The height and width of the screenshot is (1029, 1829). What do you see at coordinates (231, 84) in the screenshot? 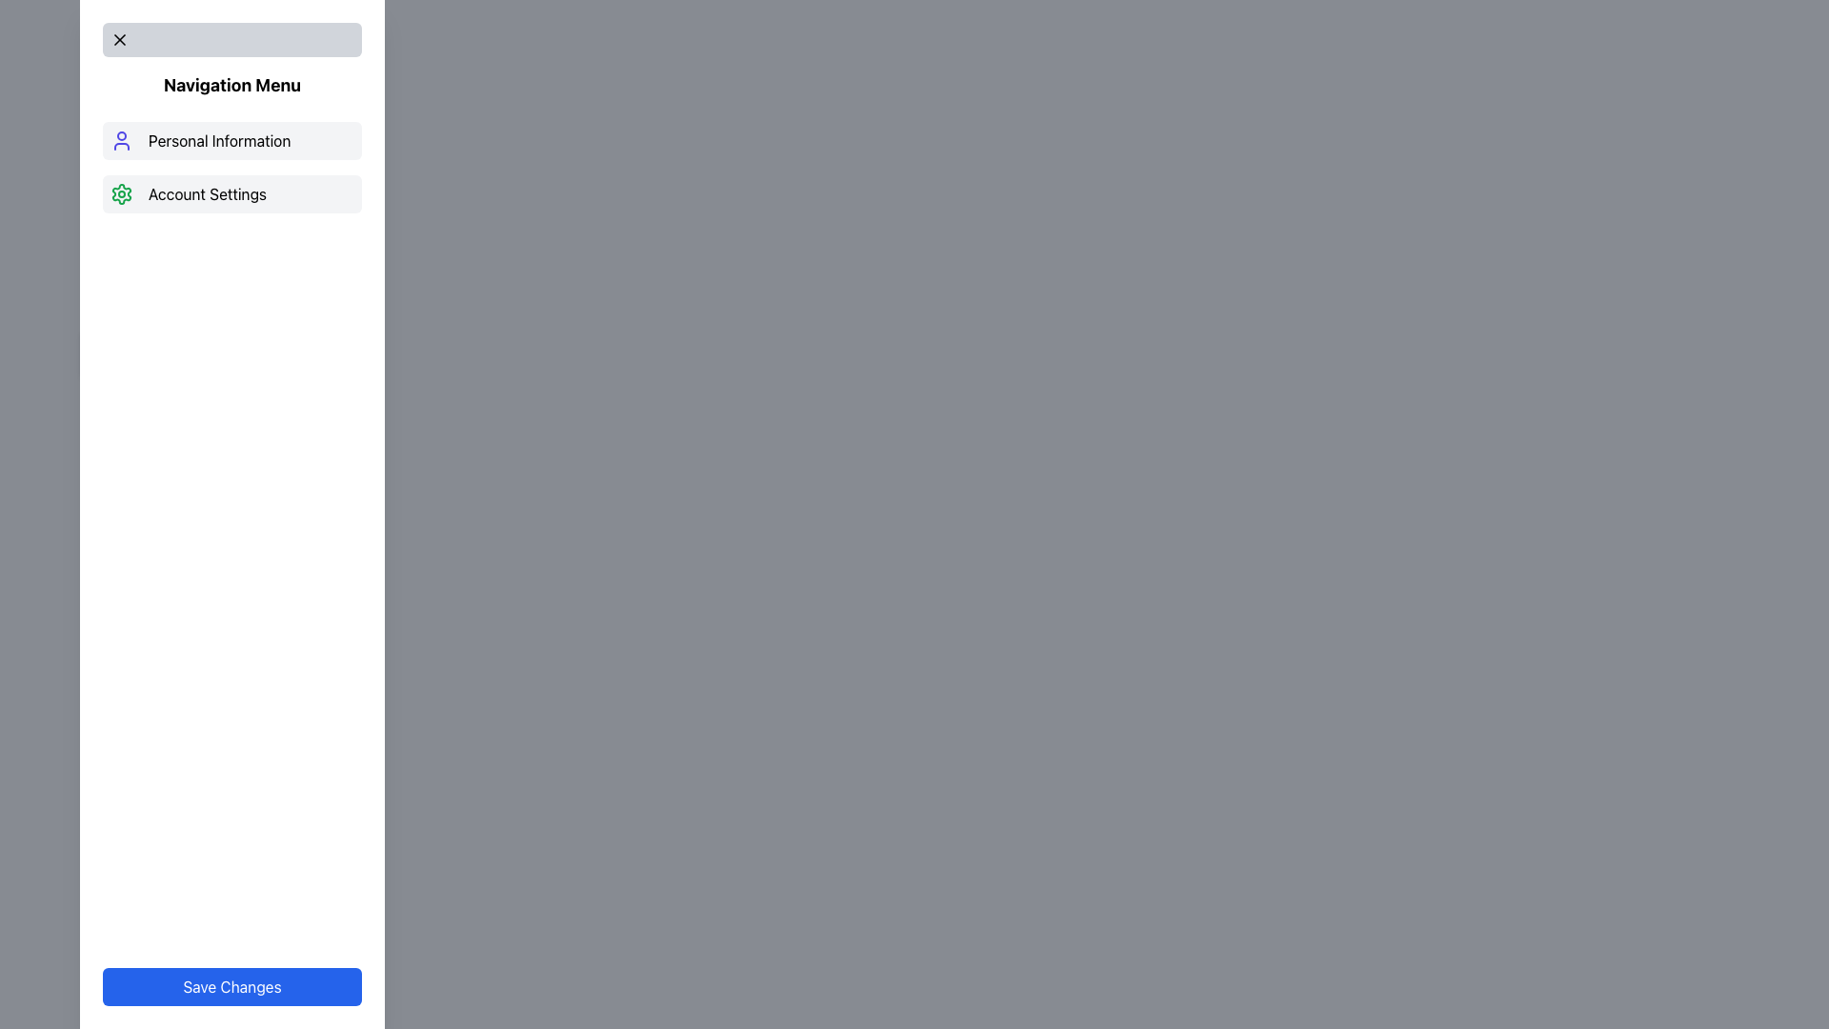
I see `the static text header displaying 'Navigation Menu', which is positioned below a horizontal gray bar and above the menu options in the vertical navigation panel` at bounding box center [231, 84].